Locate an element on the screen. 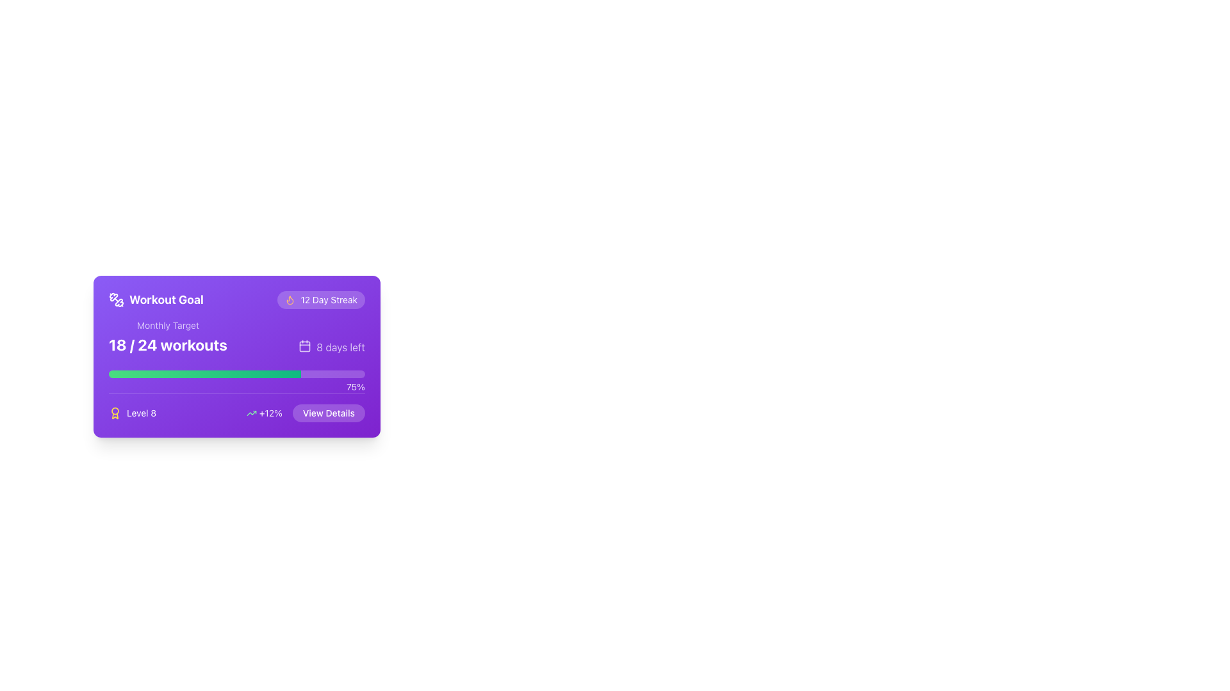 The height and width of the screenshot is (691, 1230). the text label introducing the workout or fitness goal for accessibility purposes is located at coordinates (156, 300).